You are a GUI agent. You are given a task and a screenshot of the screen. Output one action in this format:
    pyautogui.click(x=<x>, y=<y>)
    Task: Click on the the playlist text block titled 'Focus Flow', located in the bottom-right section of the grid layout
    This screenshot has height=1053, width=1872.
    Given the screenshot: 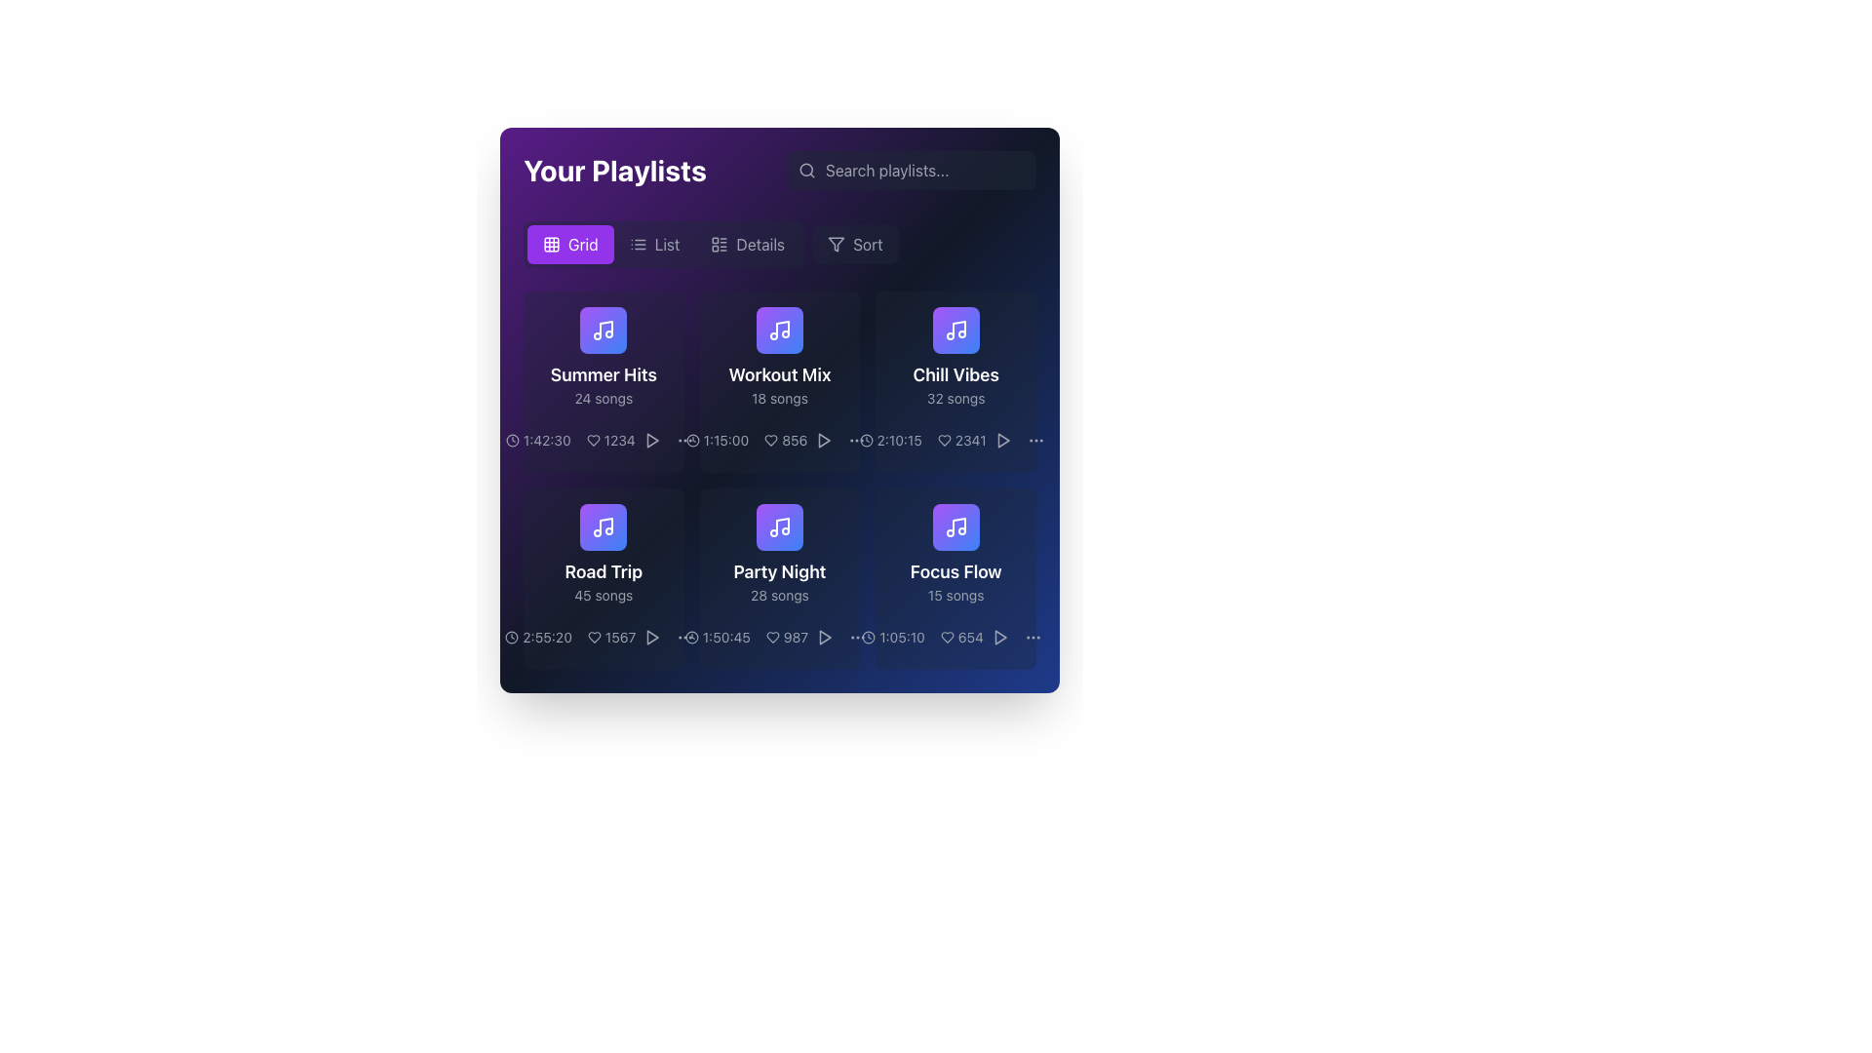 What is the action you would take?
    pyautogui.click(x=955, y=581)
    